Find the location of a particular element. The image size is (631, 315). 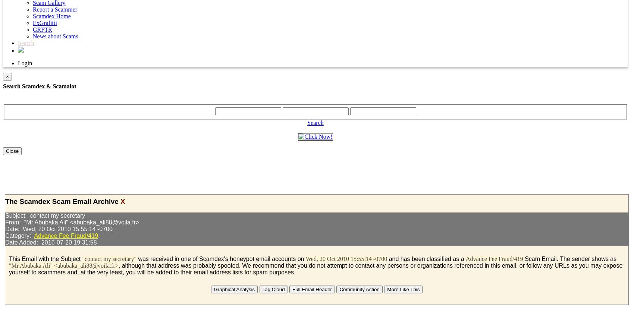

'ExGrafitti' is located at coordinates (44, 22).